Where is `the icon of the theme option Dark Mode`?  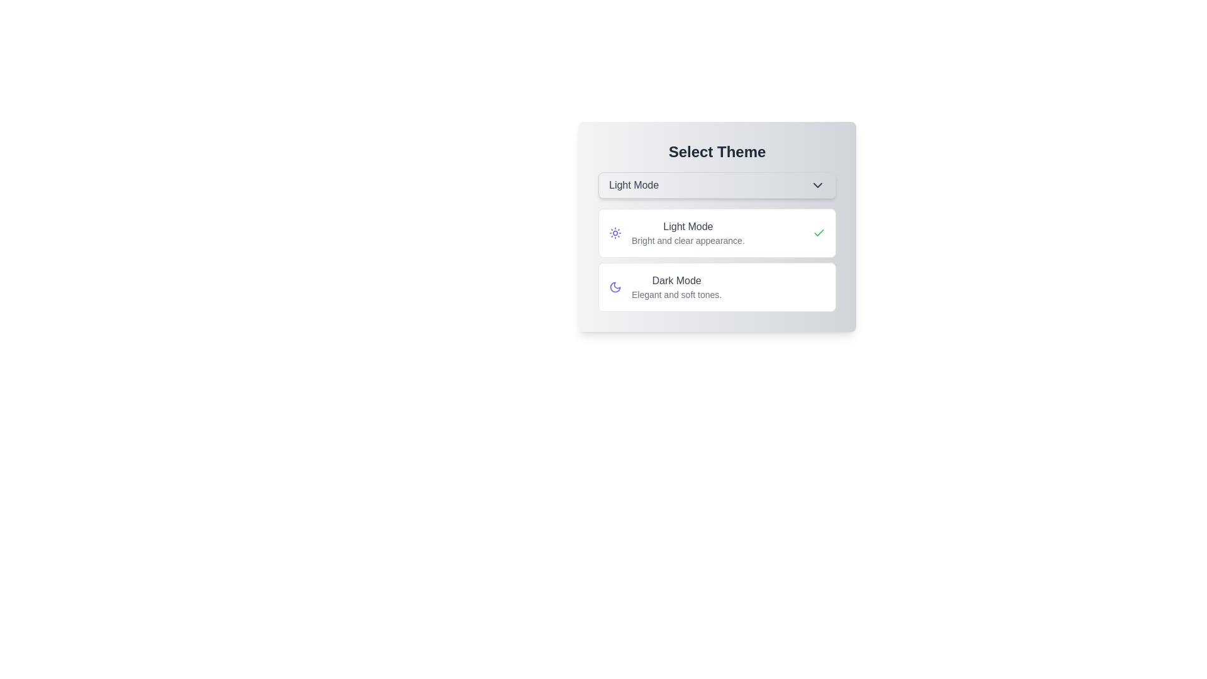 the icon of the theme option Dark Mode is located at coordinates (615, 287).